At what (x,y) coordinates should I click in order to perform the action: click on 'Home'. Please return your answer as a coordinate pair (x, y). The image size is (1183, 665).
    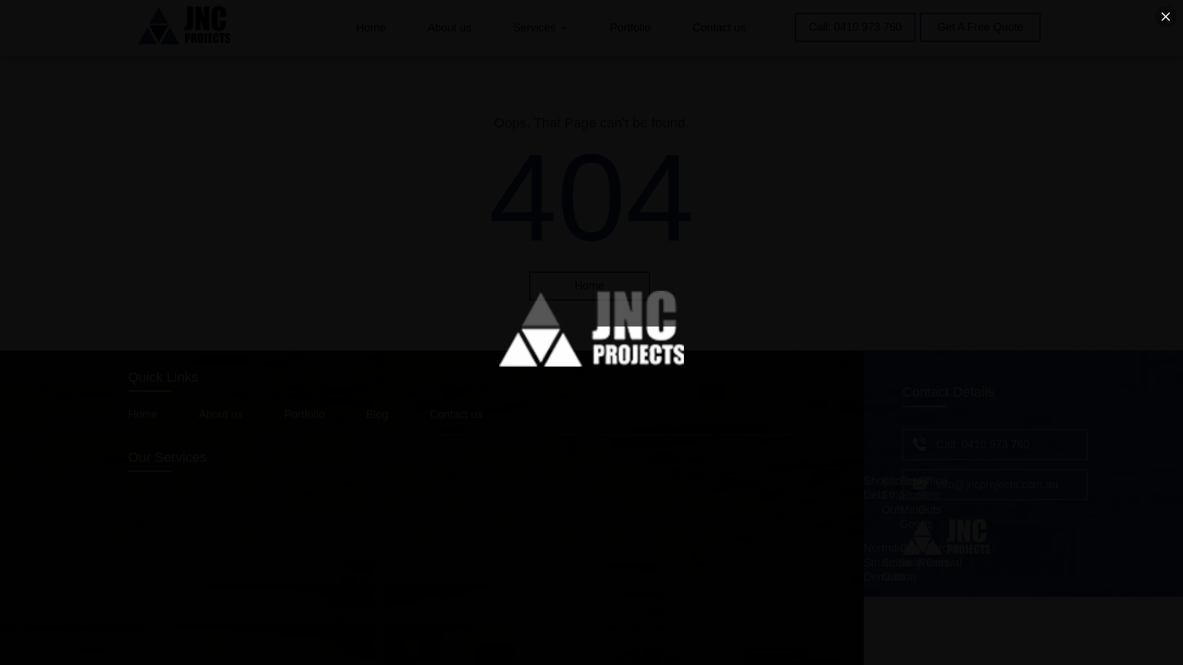
    Looking at the image, I should click on (156, 414).